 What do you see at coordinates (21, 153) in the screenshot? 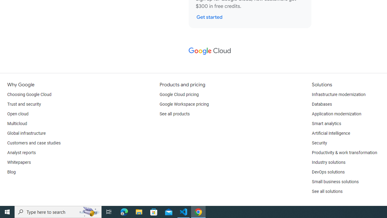
I see `'Analyst reports'` at bounding box center [21, 153].